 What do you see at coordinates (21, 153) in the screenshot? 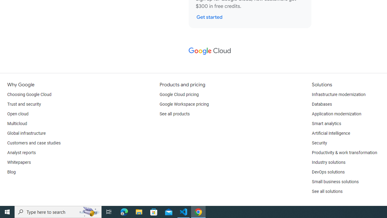
I see `'Analyst reports'` at bounding box center [21, 153].